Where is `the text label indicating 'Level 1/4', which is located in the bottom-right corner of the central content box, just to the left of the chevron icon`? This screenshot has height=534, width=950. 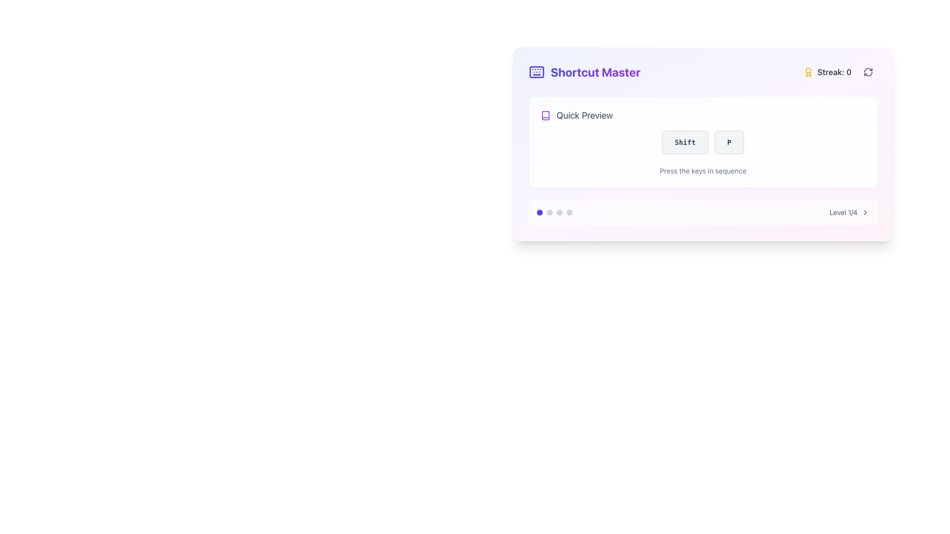
the text label indicating 'Level 1/4', which is located in the bottom-right corner of the central content box, just to the left of the chevron icon is located at coordinates (843, 212).